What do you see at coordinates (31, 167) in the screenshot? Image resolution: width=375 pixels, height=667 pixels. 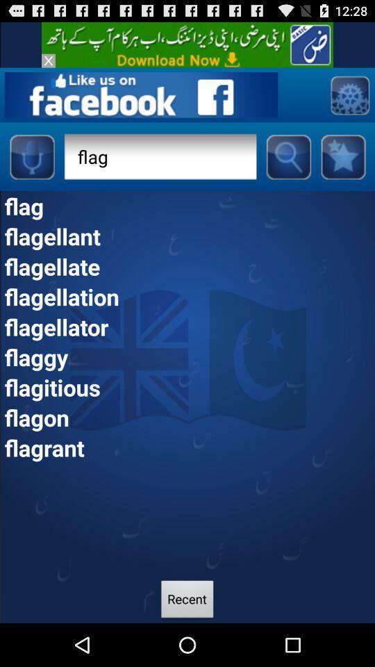 I see `the microphone icon` at bounding box center [31, 167].